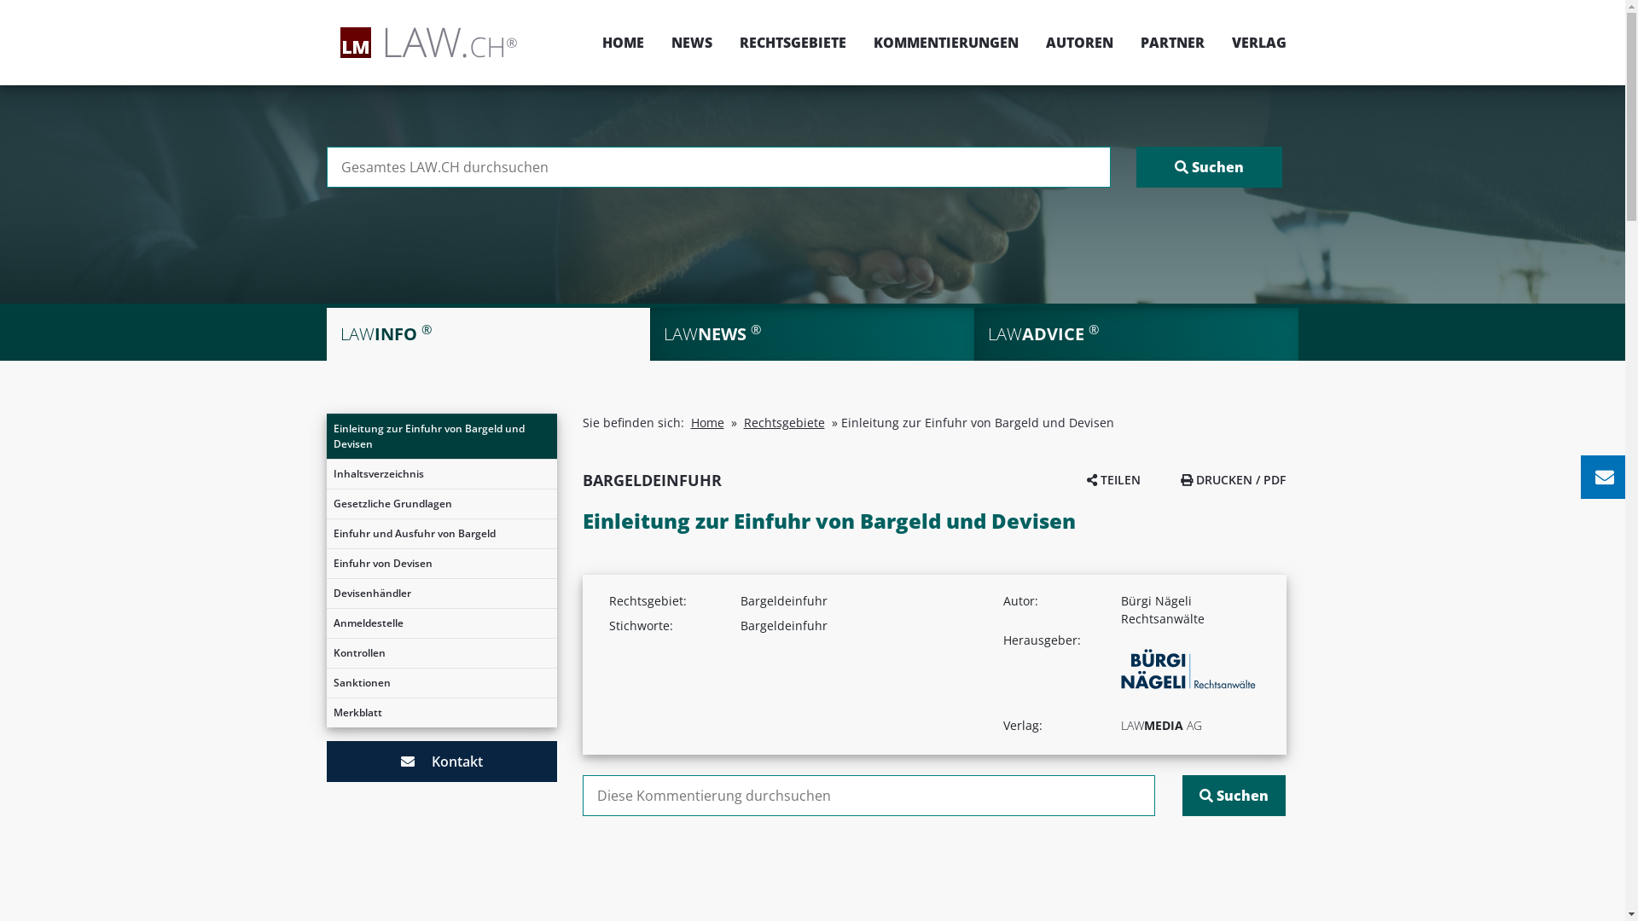 The height and width of the screenshot is (921, 1638). What do you see at coordinates (441, 652) in the screenshot?
I see `'Kontrollen'` at bounding box center [441, 652].